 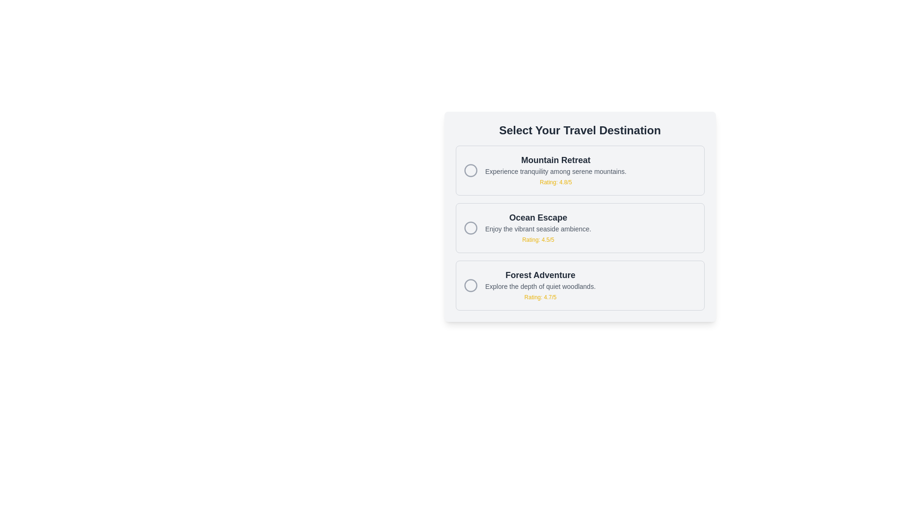 I want to click on the Text Label that serves as a header for a travel destination option, summarizing the main theme of the choice, so click(x=540, y=275).